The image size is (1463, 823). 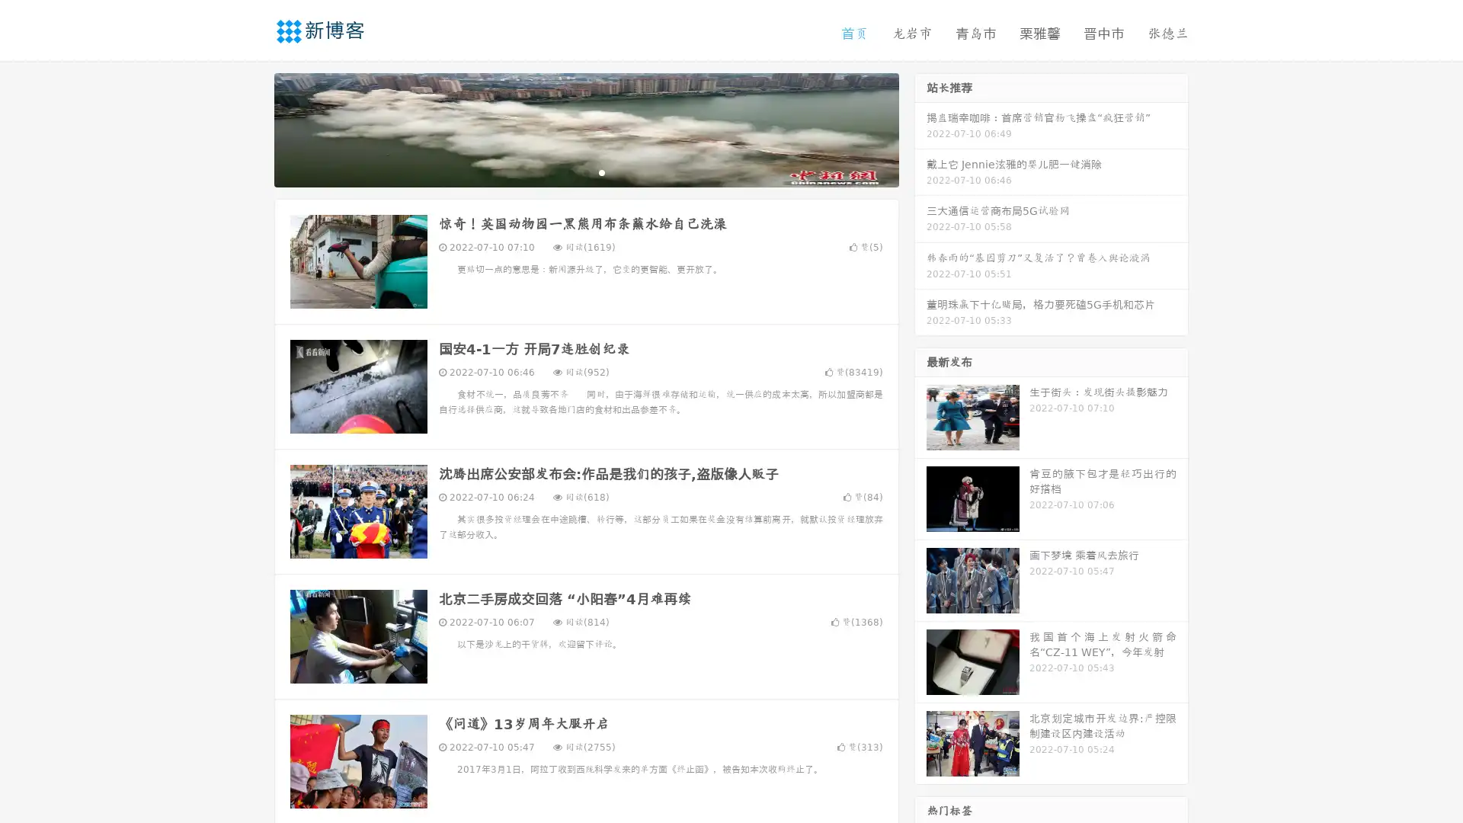 What do you see at coordinates (251, 128) in the screenshot?
I see `Previous slide` at bounding box center [251, 128].